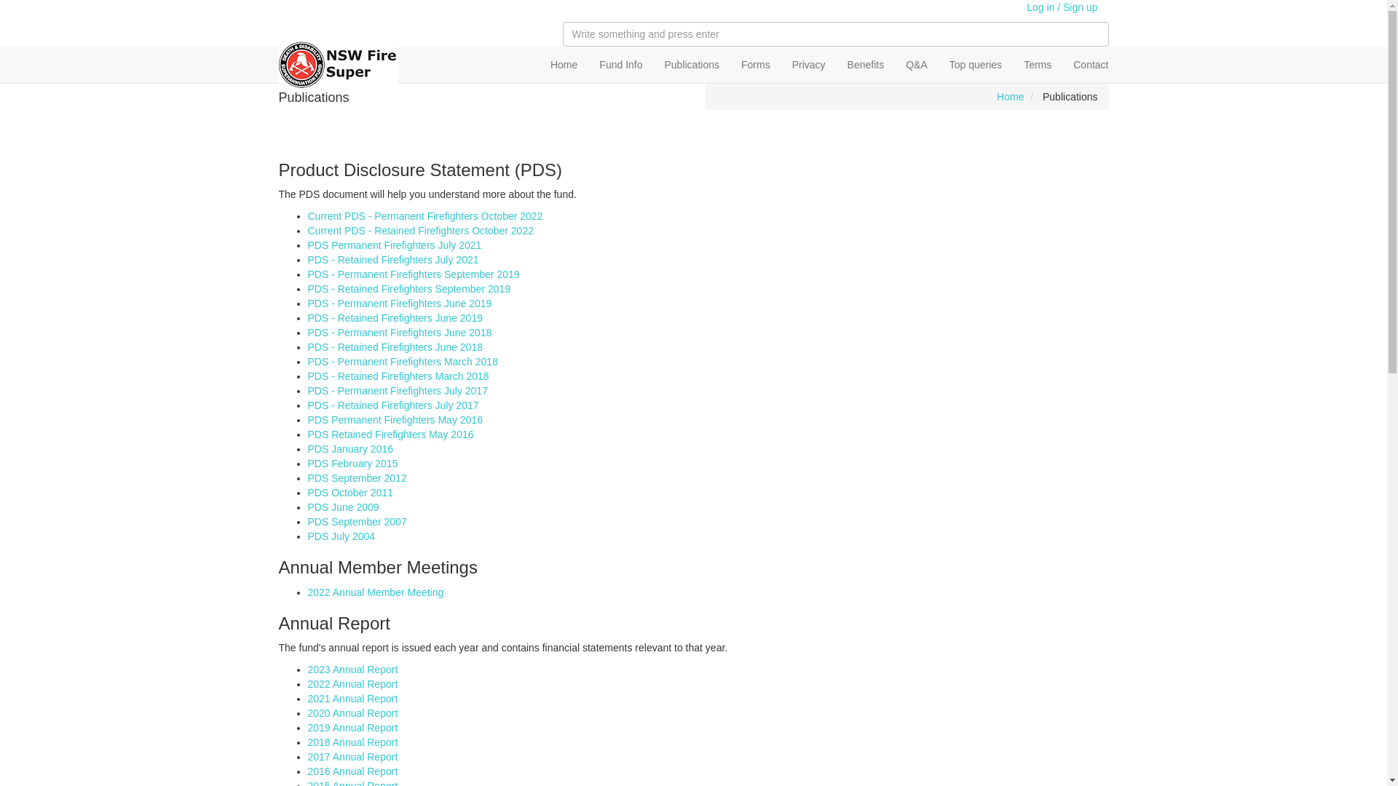  I want to click on '2022 Annual Report', so click(352, 684).